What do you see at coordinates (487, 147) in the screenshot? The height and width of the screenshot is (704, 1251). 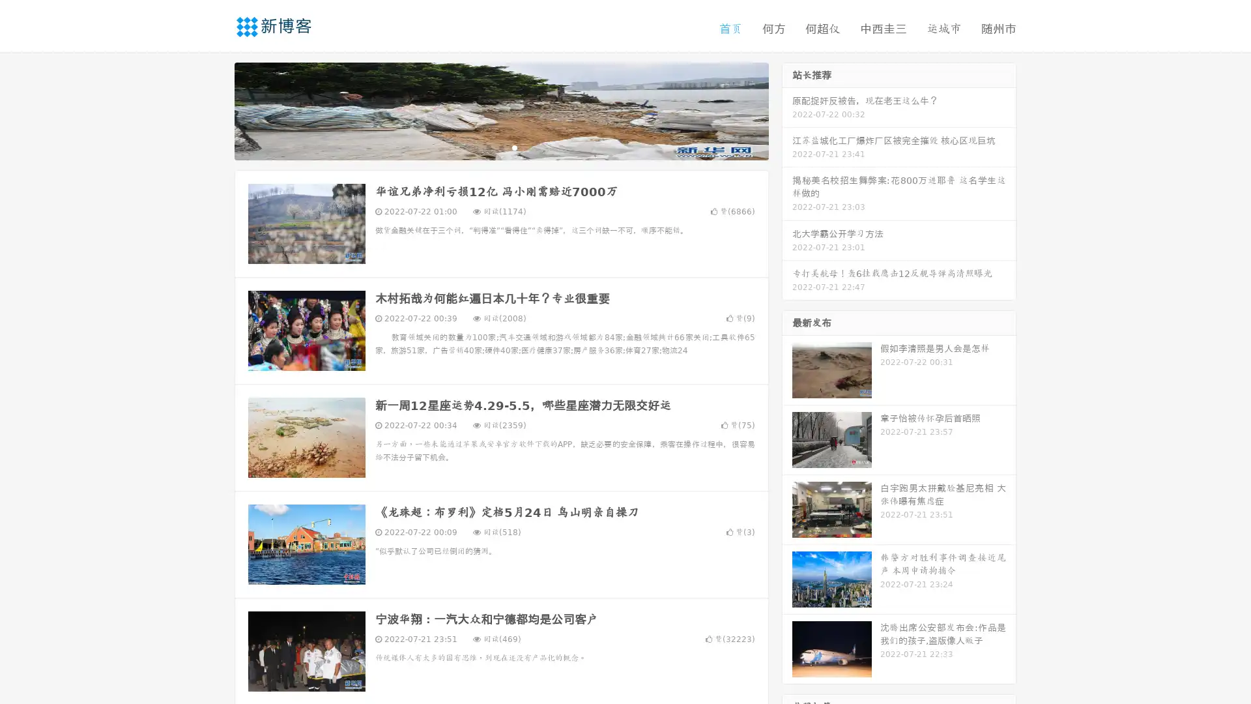 I see `Go to slide 1` at bounding box center [487, 147].